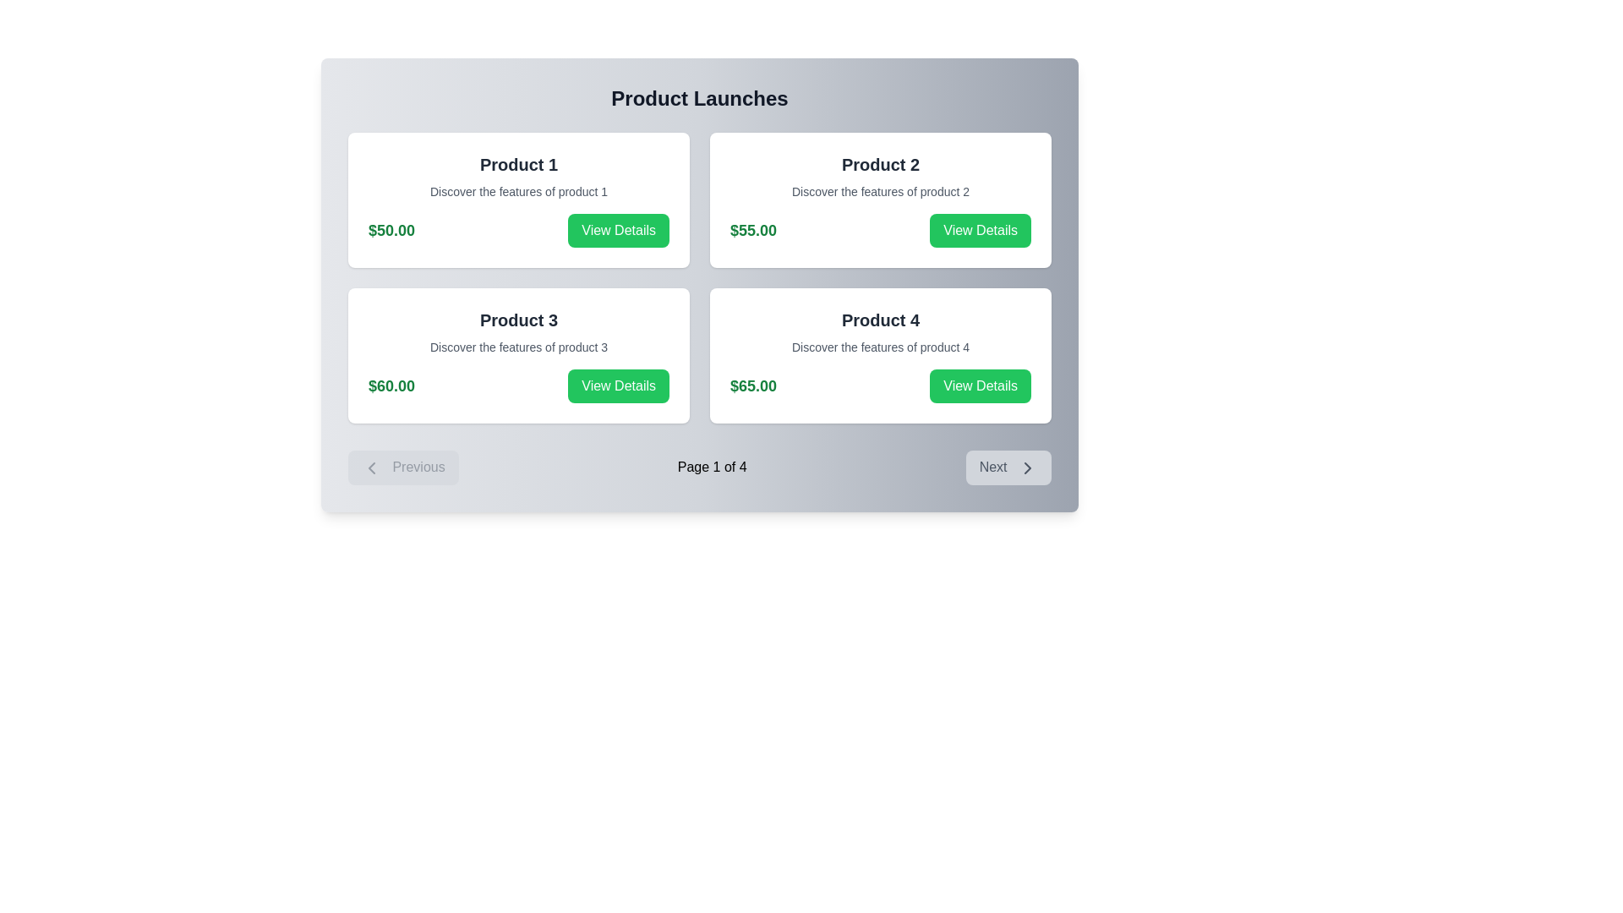  I want to click on the Text Label that serves as the title for the third product in the grid layout, located in the lower-left content box, so click(518, 320).